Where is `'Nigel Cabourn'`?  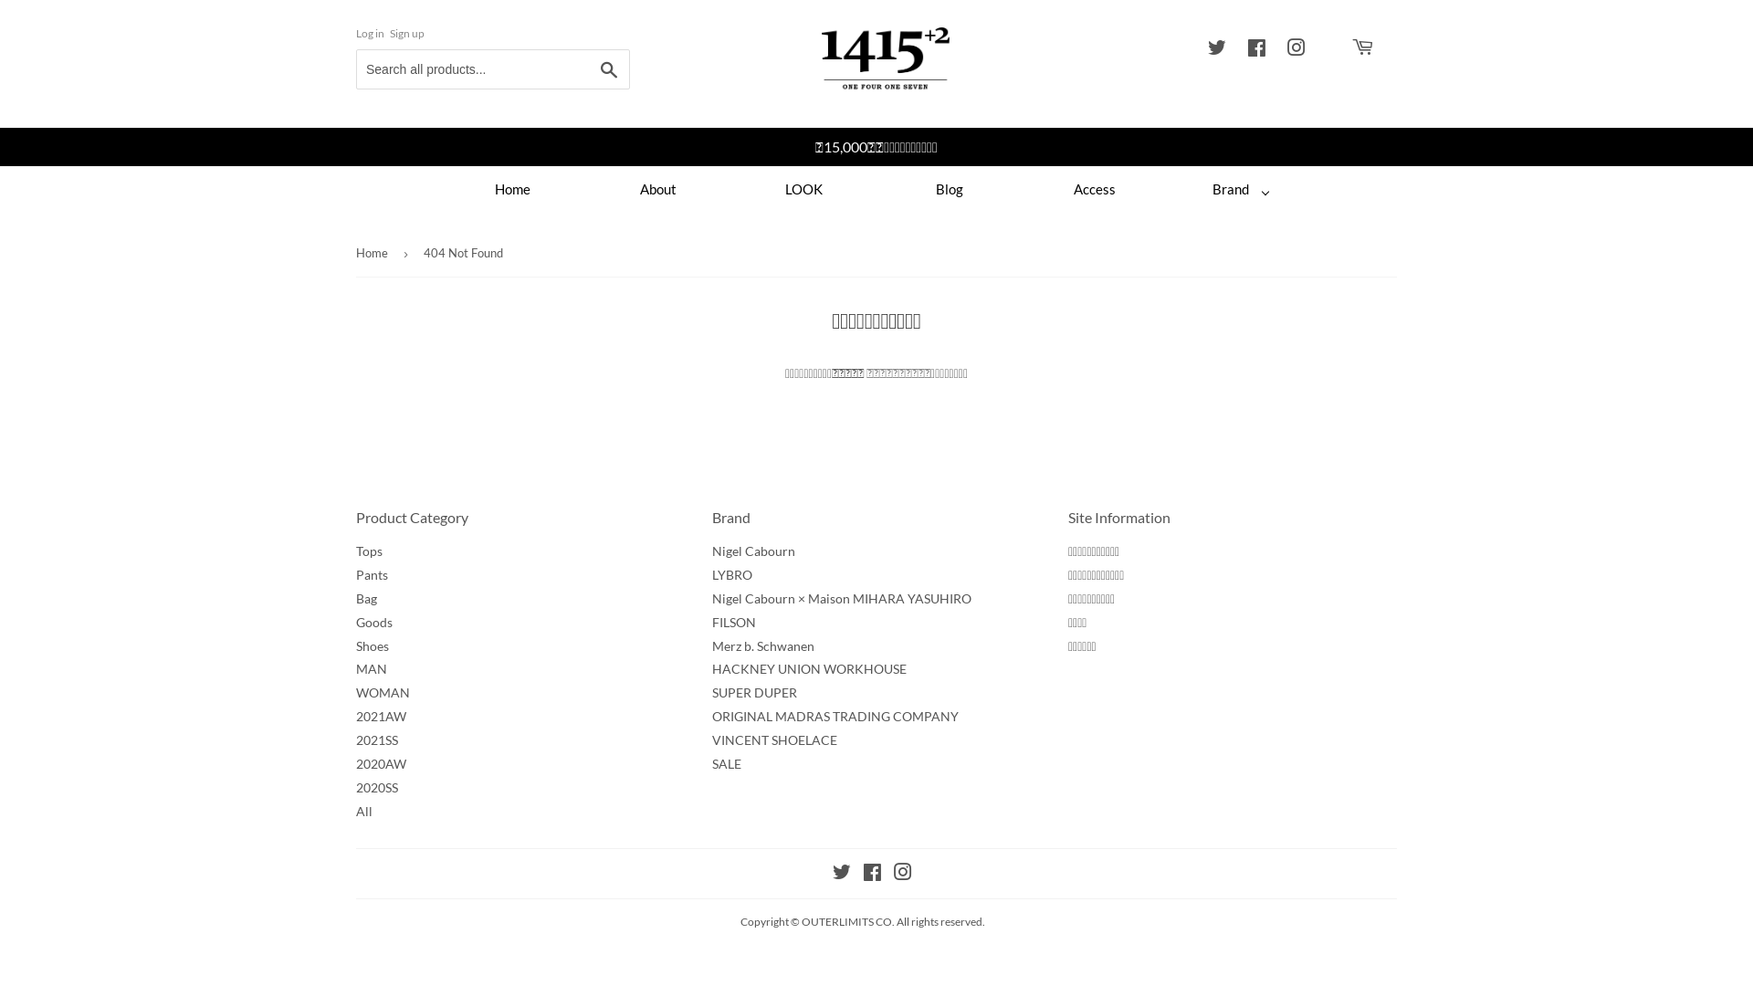 'Nigel Cabourn' is located at coordinates (753, 550).